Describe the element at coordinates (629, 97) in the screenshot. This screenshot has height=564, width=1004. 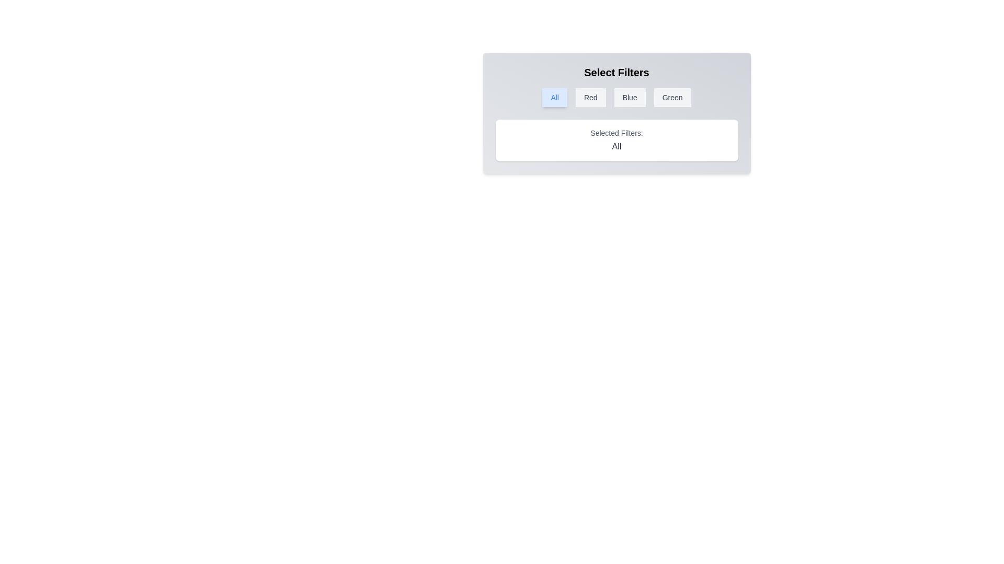
I see `the filter button Blue` at that location.